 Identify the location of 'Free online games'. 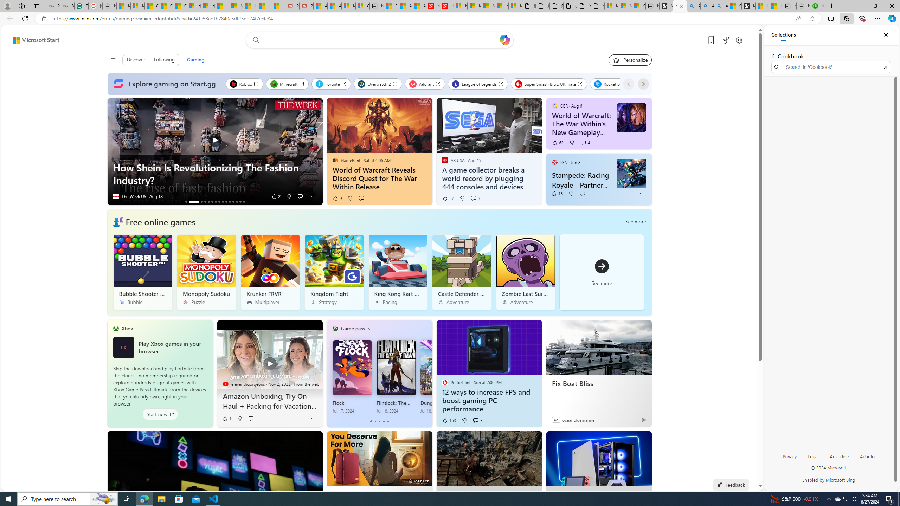
(160, 221).